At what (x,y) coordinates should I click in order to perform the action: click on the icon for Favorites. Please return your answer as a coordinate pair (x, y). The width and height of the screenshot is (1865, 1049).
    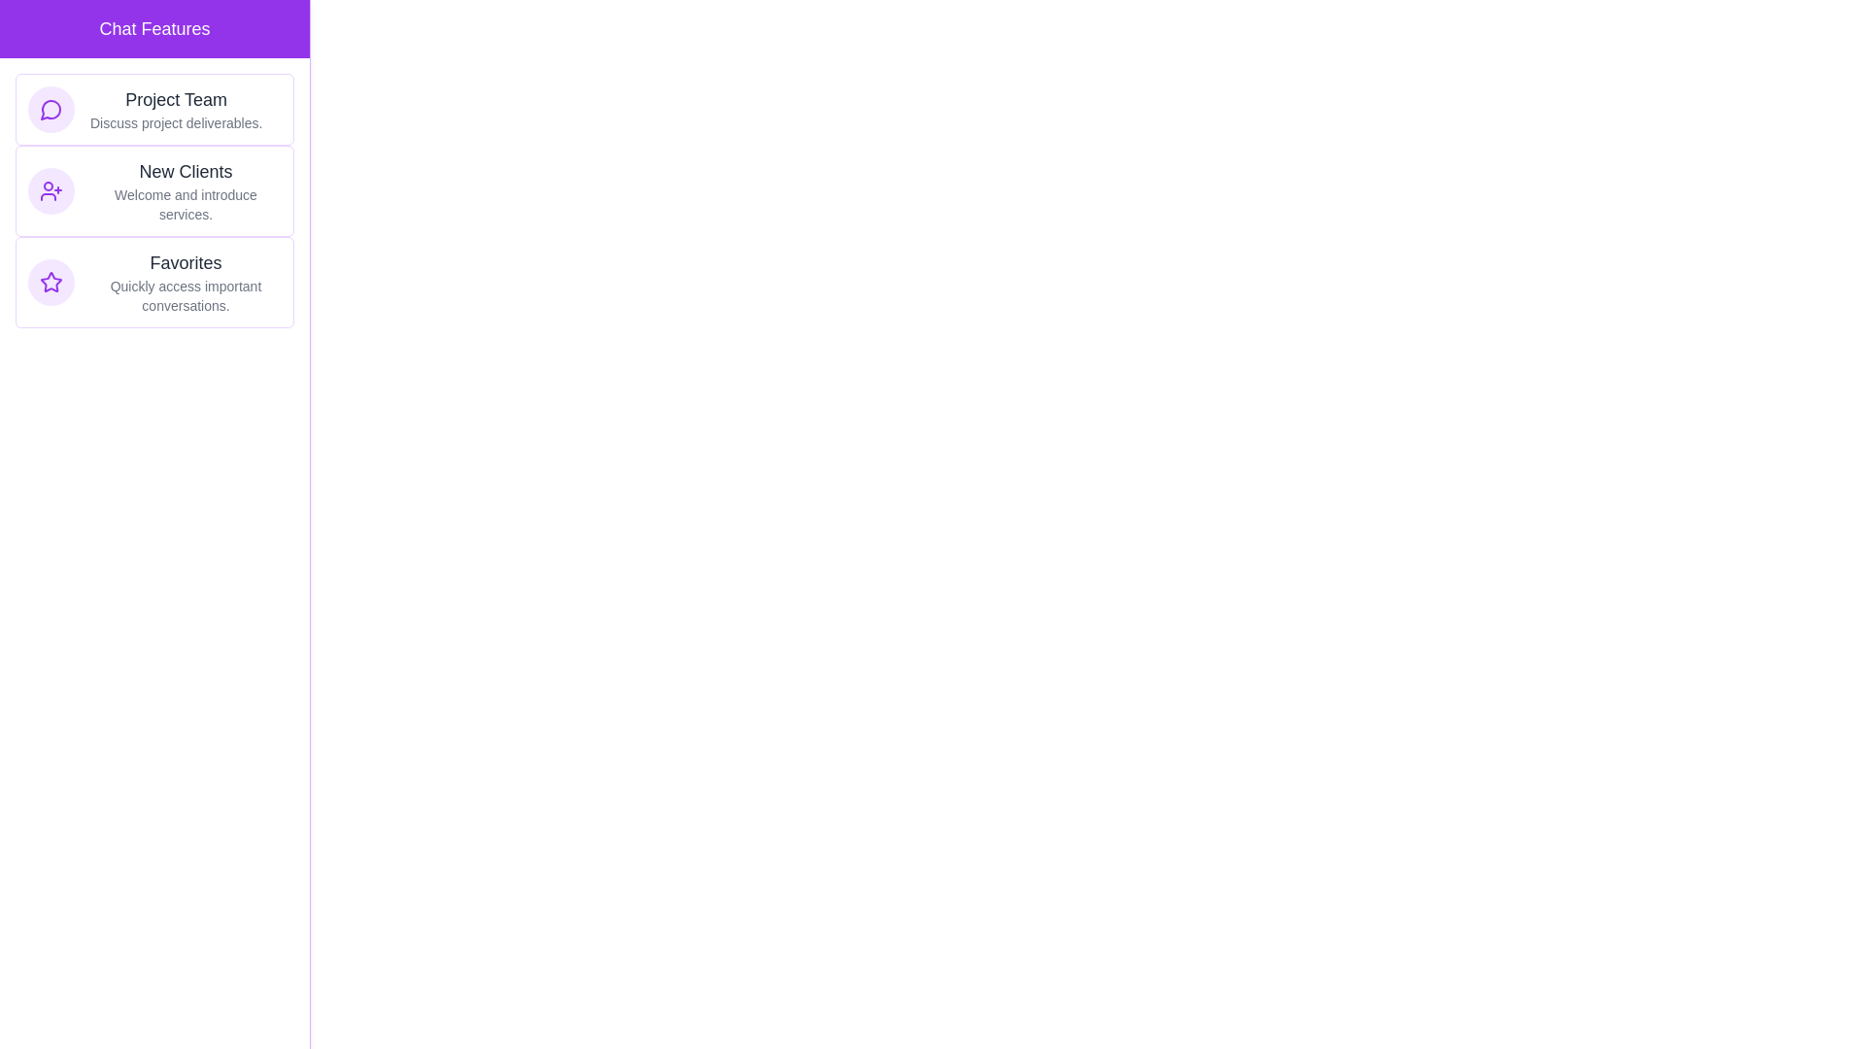
    Looking at the image, I should click on (51, 282).